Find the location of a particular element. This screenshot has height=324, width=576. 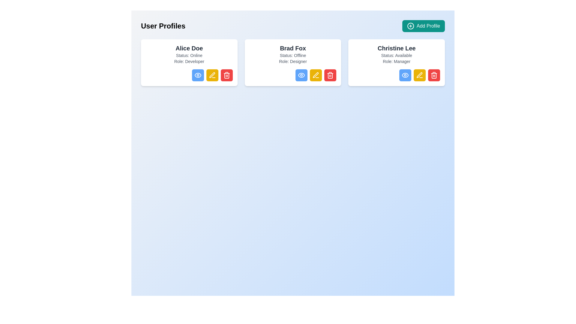

the button located in the top-right corner next to the 'User Profiles' header to initiate the profile-adding process is located at coordinates (423, 26).